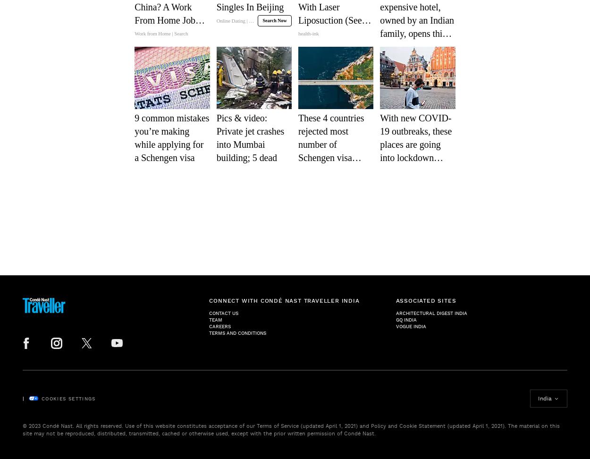  What do you see at coordinates (426, 300) in the screenshot?
I see `'Associated Sites'` at bounding box center [426, 300].